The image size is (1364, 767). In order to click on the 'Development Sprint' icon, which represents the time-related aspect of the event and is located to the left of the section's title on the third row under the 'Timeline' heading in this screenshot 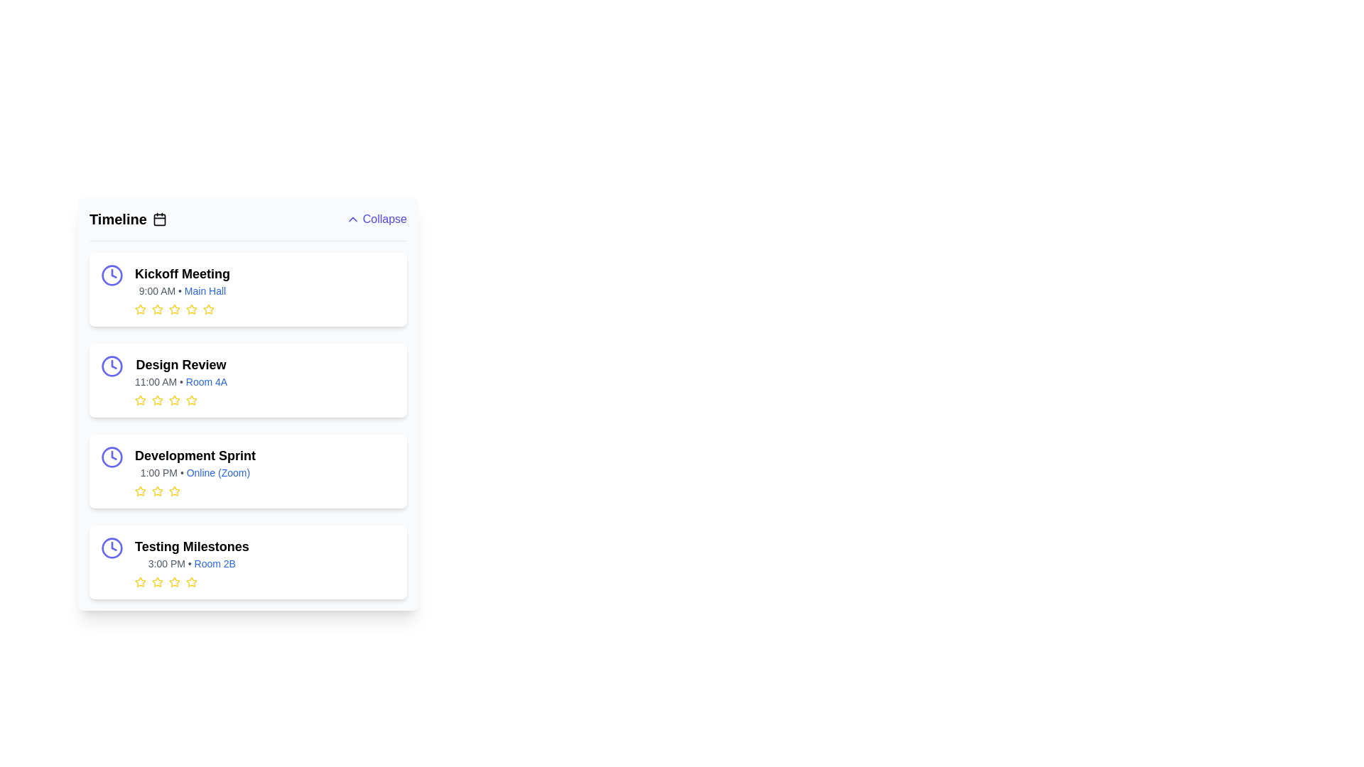, I will do `click(112, 457)`.